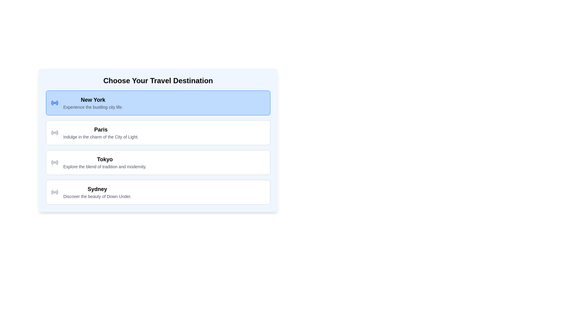 Image resolution: width=584 pixels, height=328 pixels. I want to click on descriptive text label that reads 'Experience the bustling city life.' located below the 'New York' text, so click(93, 107).